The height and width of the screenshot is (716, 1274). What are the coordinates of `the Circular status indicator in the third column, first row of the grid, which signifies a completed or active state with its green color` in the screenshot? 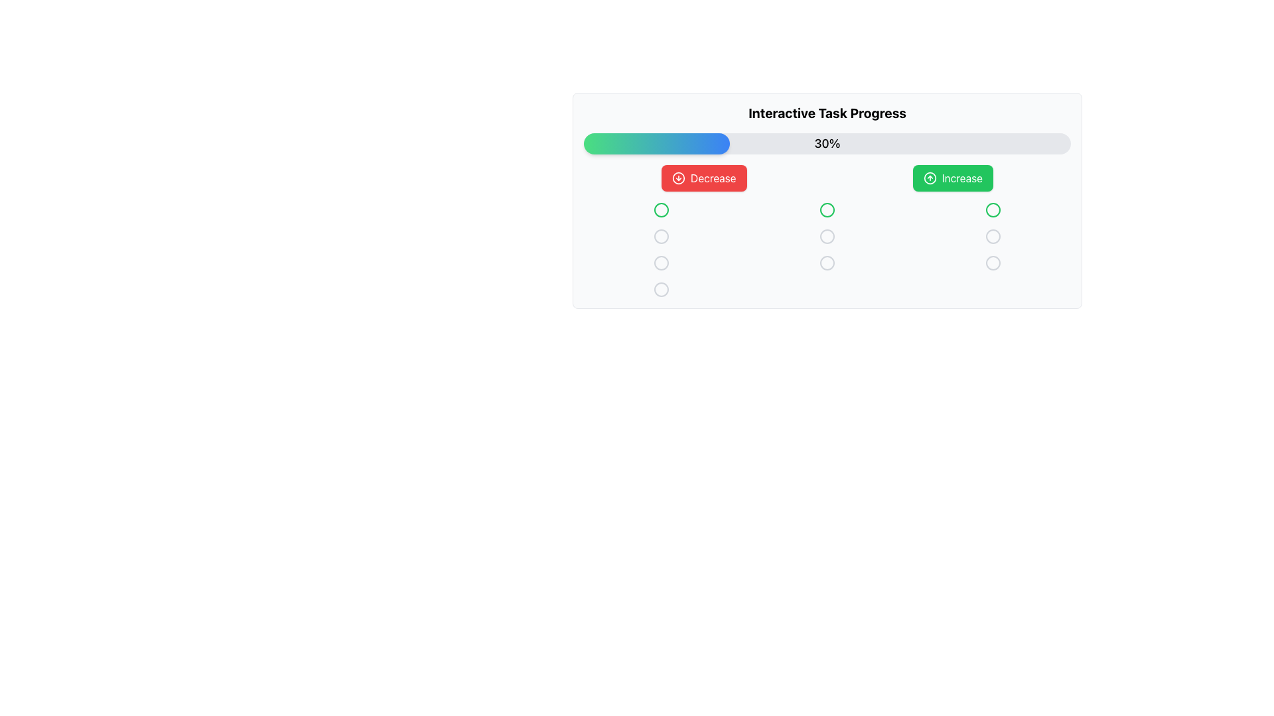 It's located at (993, 209).